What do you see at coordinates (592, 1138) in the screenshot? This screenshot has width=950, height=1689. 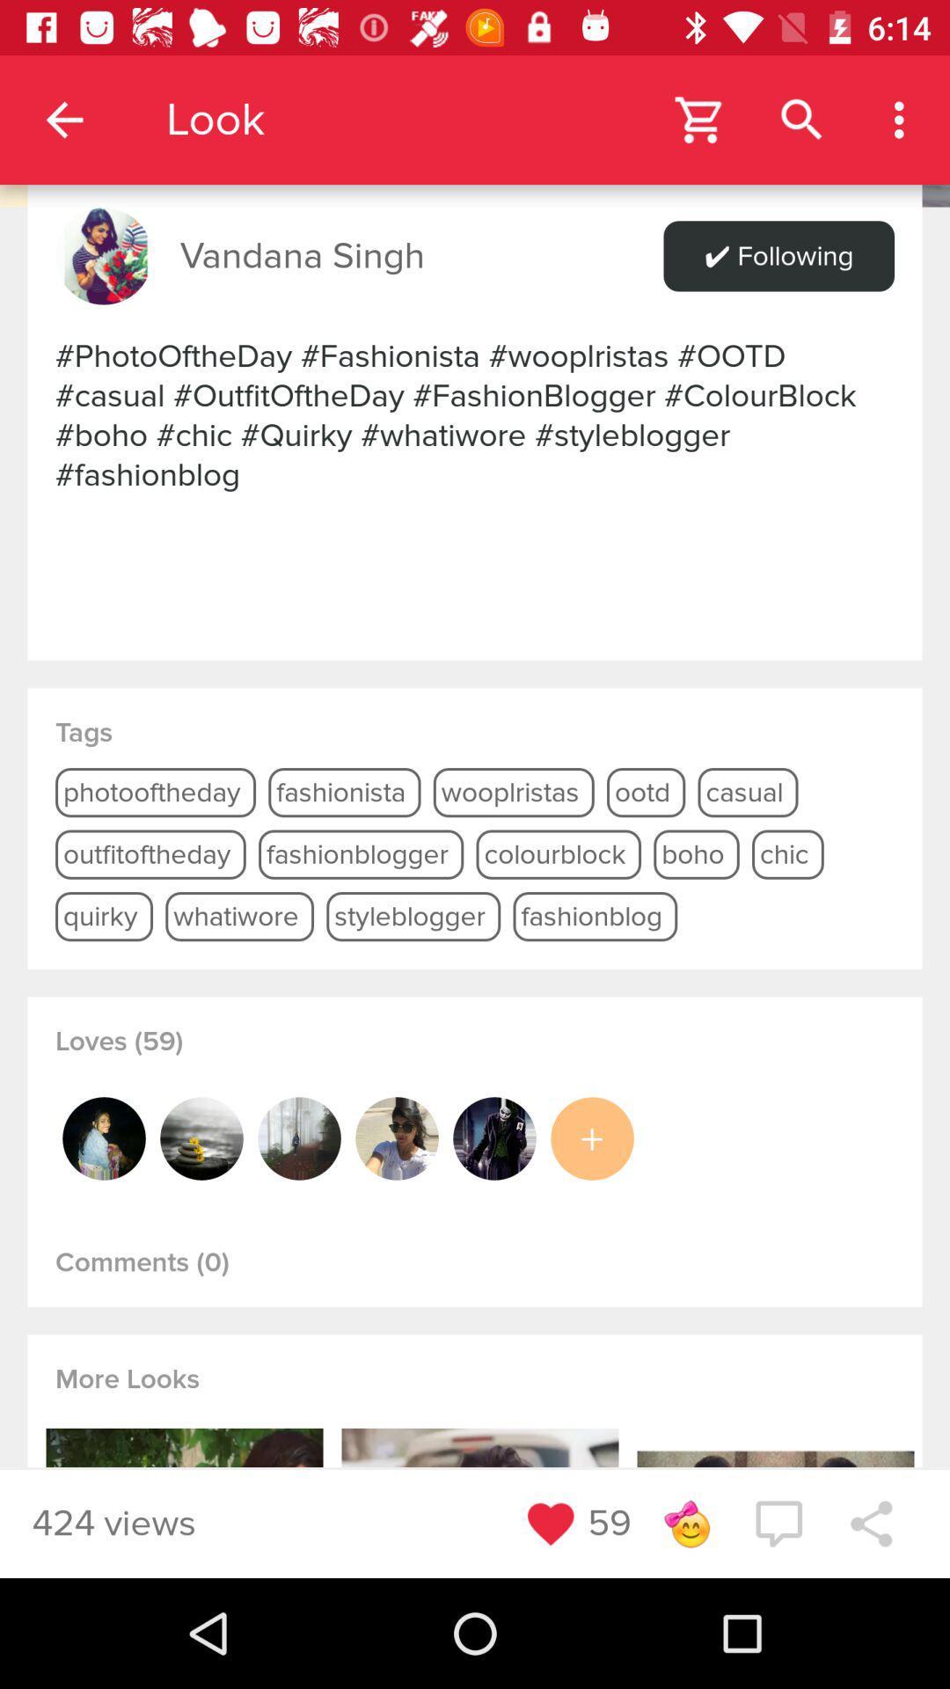 I see `item above the comments (0) icon` at bounding box center [592, 1138].